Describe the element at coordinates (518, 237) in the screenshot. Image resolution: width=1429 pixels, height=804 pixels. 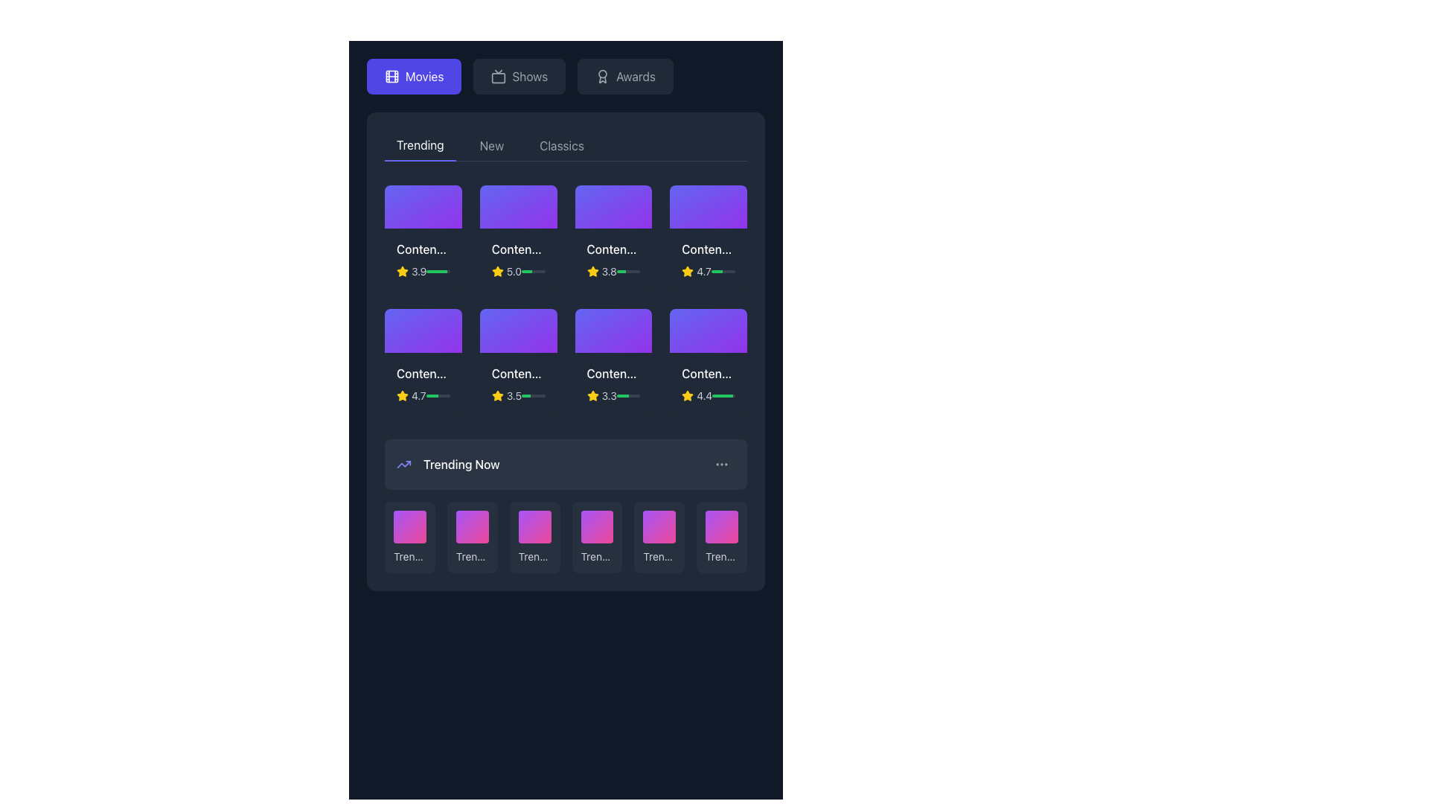
I see `the second content card tile in the top row of the 'Trending' section` at that location.